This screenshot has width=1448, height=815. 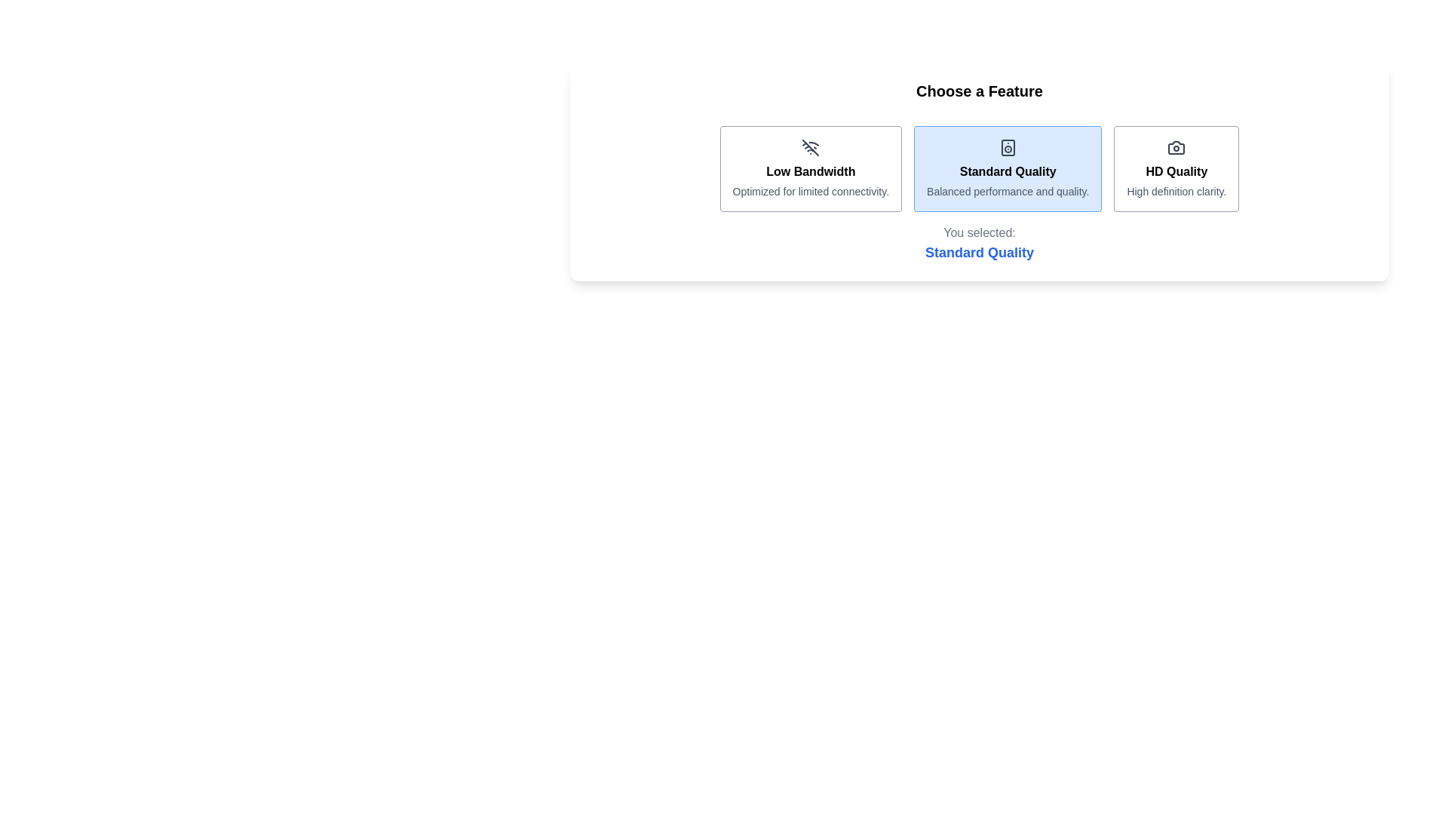 I want to click on the text label reading 'Balanced performance and quality.' which is styled with a small font size and gray color, located below the 'Standard Quality' label within a blue-highlighted selection box, so click(x=1008, y=191).